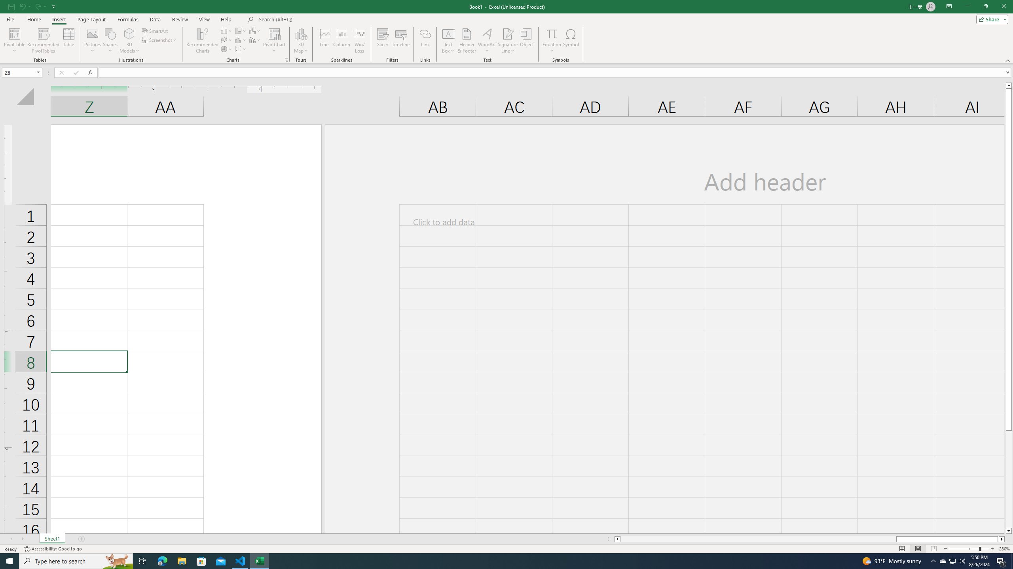 The image size is (1013, 569). What do you see at coordinates (14, 41) in the screenshot?
I see `'PivotTable'` at bounding box center [14, 41].